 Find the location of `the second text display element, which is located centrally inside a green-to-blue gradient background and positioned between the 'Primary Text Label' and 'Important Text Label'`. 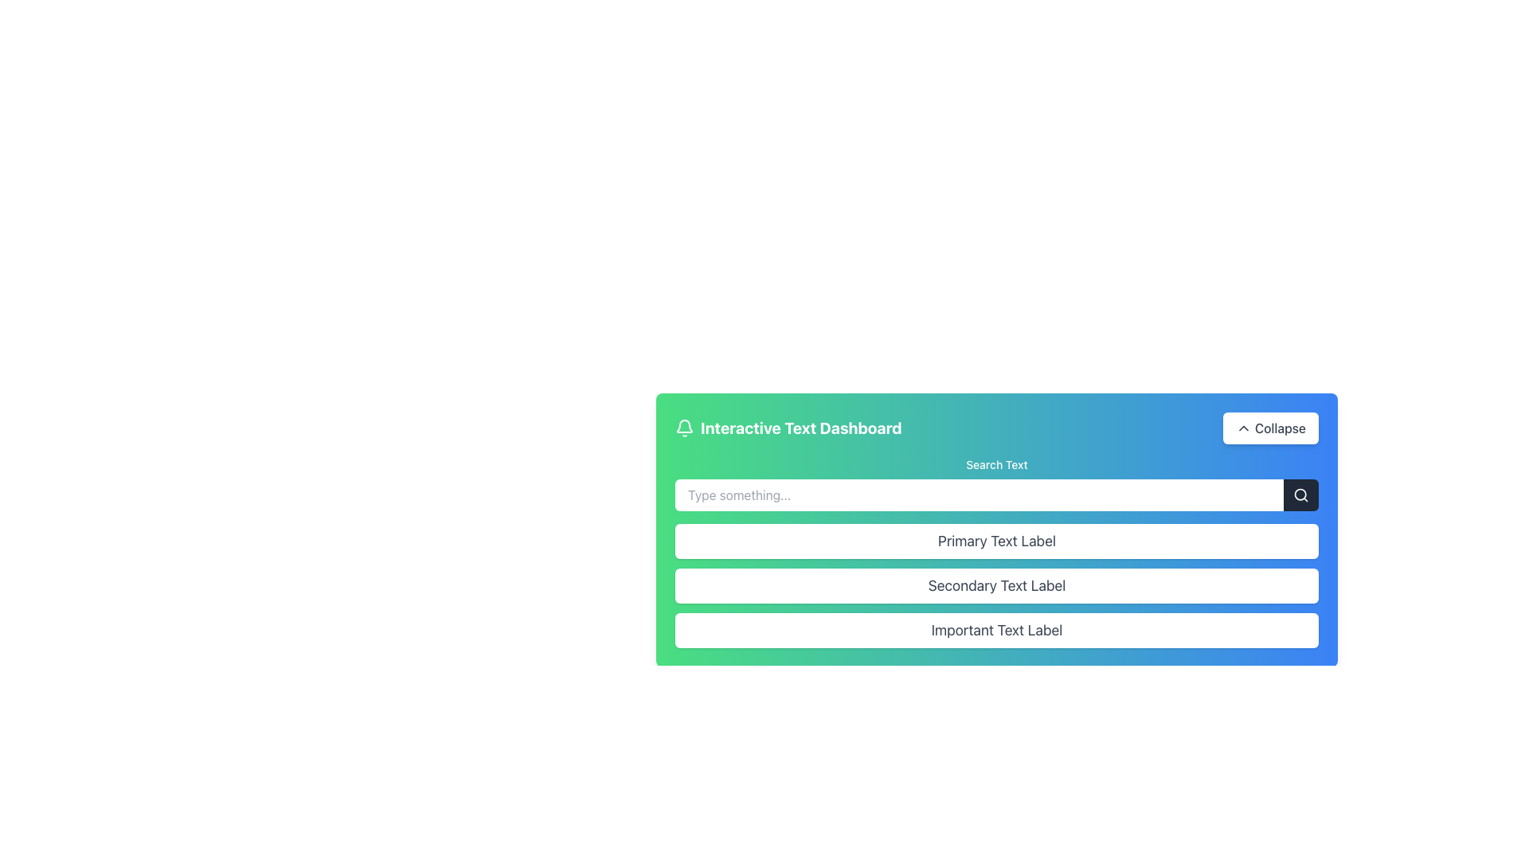

the second text display element, which is located centrally inside a green-to-blue gradient background and positioned between the 'Primary Text Label' and 'Important Text Label' is located at coordinates (996, 586).